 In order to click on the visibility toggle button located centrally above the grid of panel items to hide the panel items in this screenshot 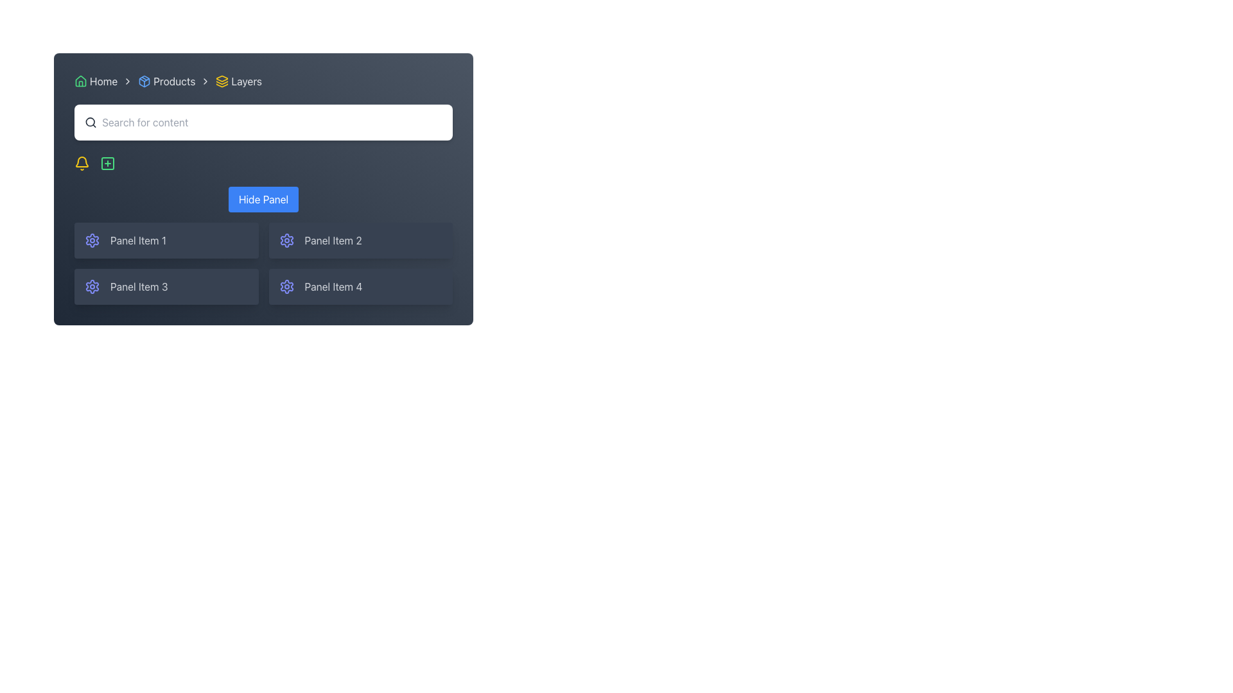, I will do `click(263, 200)`.